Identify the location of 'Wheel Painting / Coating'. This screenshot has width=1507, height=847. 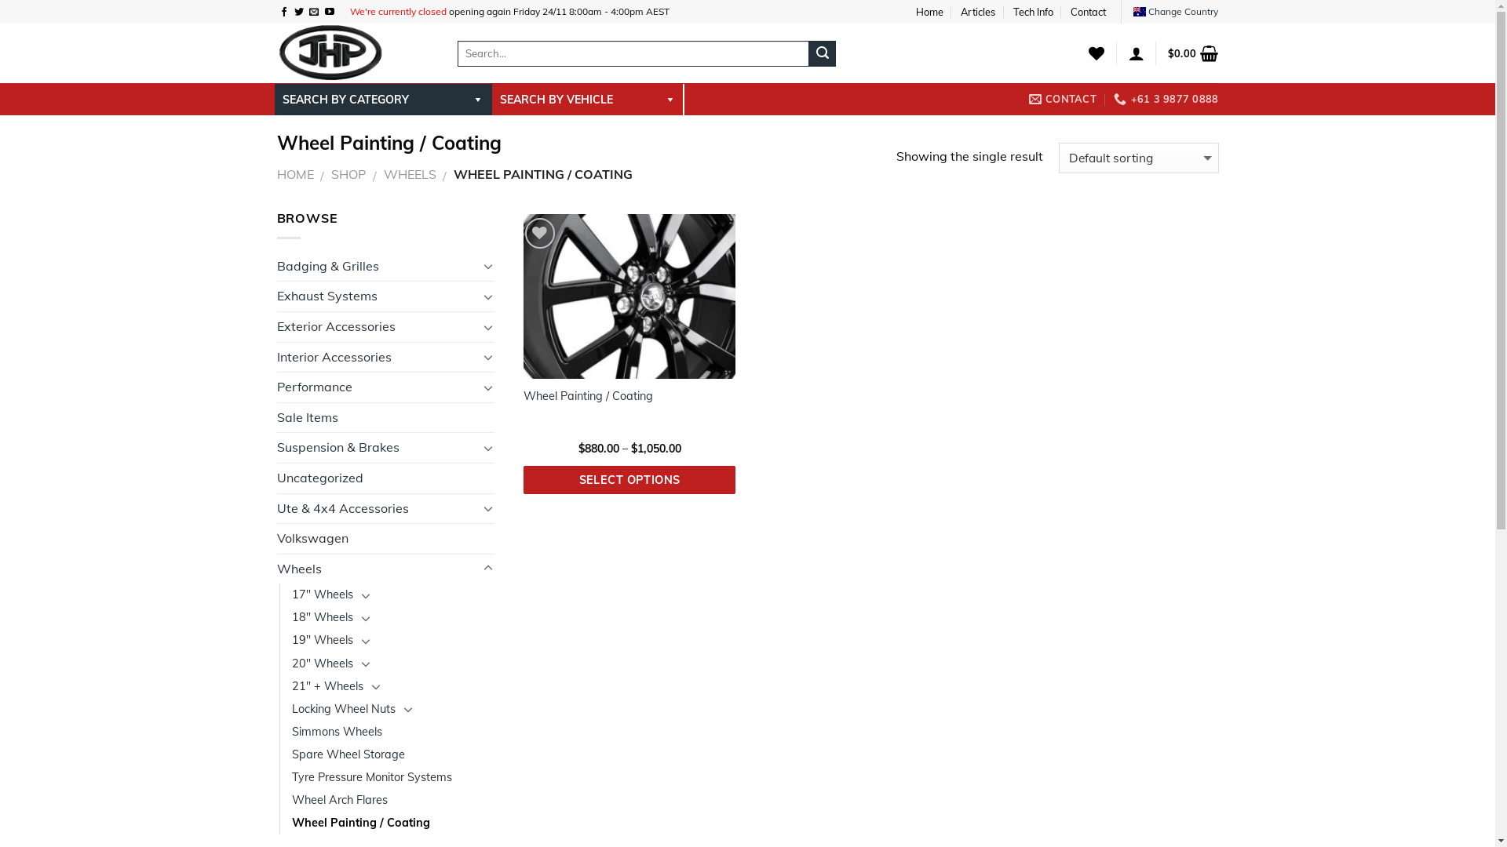
(292, 822).